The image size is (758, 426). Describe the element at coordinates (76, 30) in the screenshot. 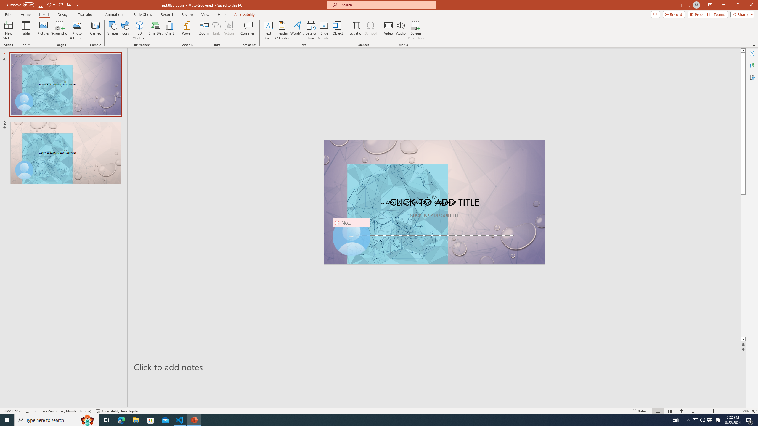

I see `'Photo Album...'` at that location.